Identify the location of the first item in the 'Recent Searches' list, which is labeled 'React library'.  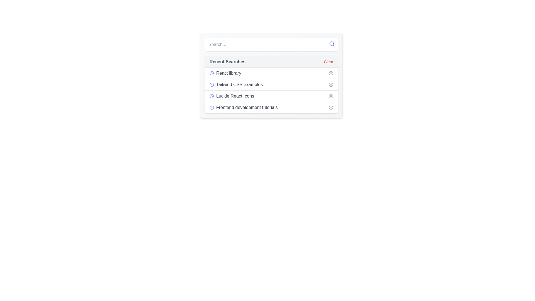
(225, 73).